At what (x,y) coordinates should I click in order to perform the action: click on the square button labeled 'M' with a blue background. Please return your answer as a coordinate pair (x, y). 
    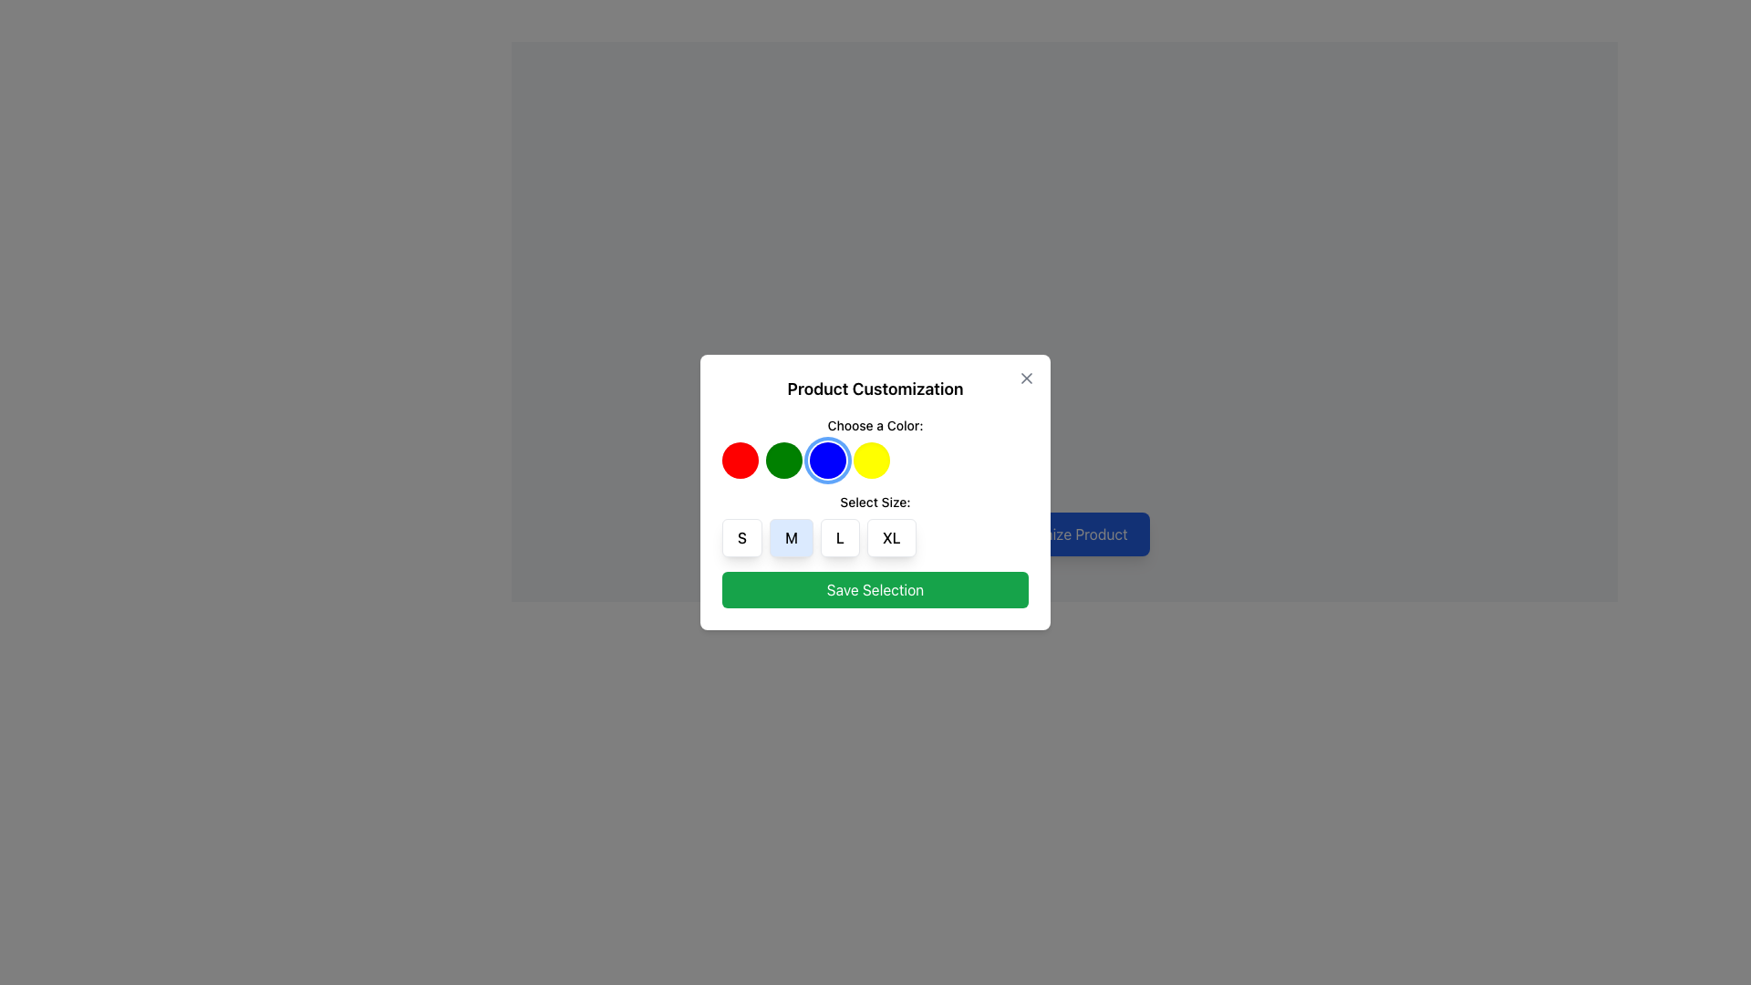
    Looking at the image, I should click on (792, 537).